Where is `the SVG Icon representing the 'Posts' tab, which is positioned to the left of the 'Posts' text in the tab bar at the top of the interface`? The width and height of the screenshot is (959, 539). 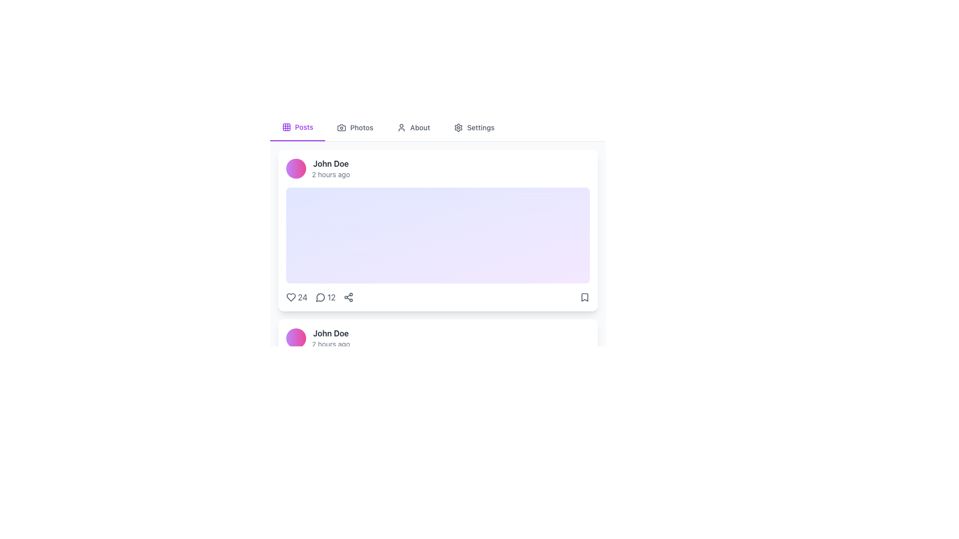
the SVG Icon representing the 'Posts' tab, which is positioned to the left of the 'Posts' text in the tab bar at the top of the interface is located at coordinates (286, 126).